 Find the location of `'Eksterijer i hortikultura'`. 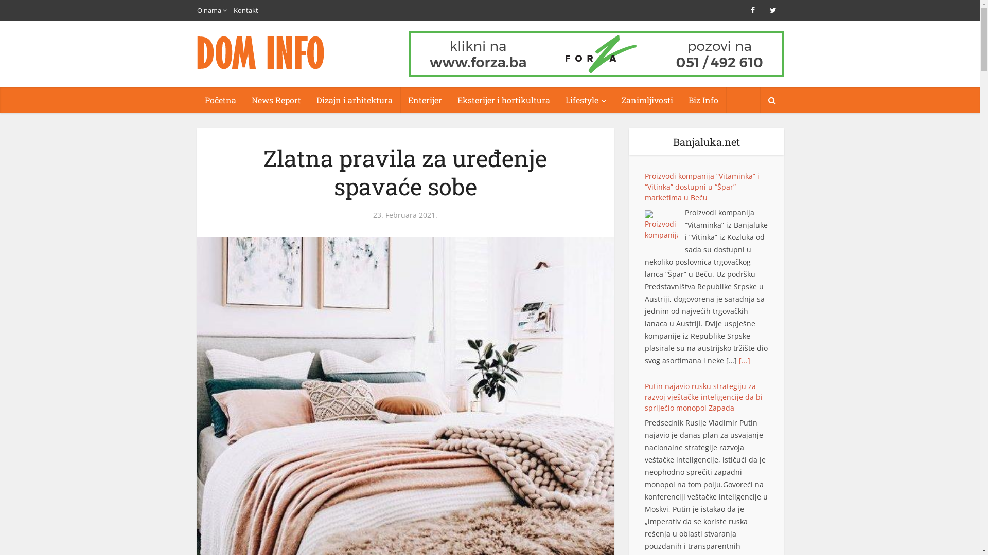

'Eksterijer i hortikultura' is located at coordinates (504, 100).